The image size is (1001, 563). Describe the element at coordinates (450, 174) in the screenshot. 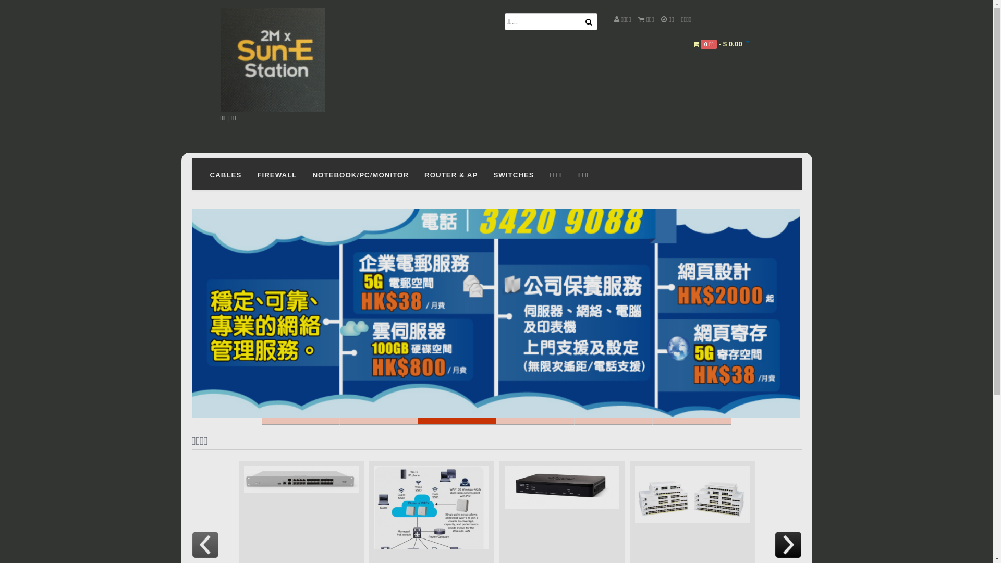

I see `'ROUTER & AP'` at that location.